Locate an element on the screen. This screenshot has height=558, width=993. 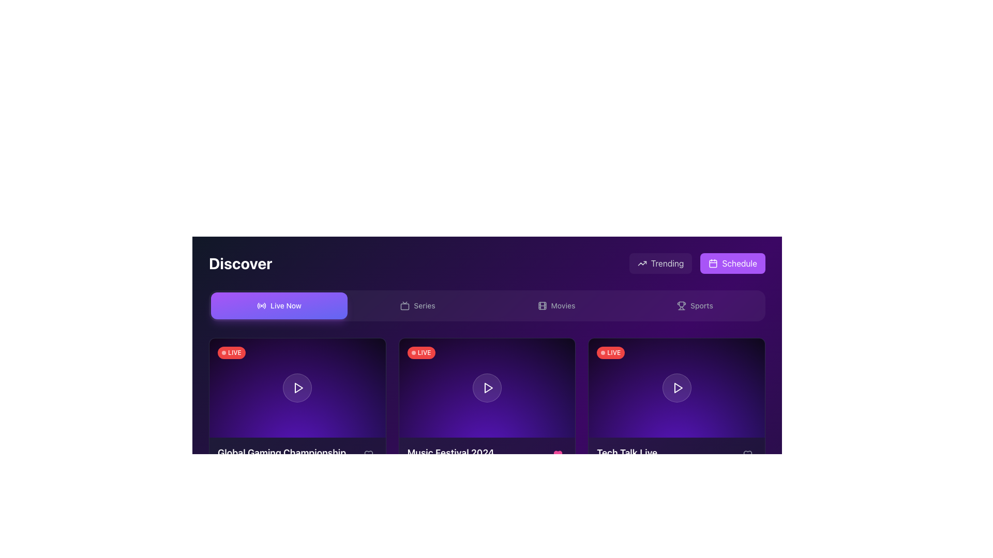
the play button icon, which is a right-pointing triangle located in the second card of a series below the main navigation bar, to receive additional UI feedback is located at coordinates (488, 388).